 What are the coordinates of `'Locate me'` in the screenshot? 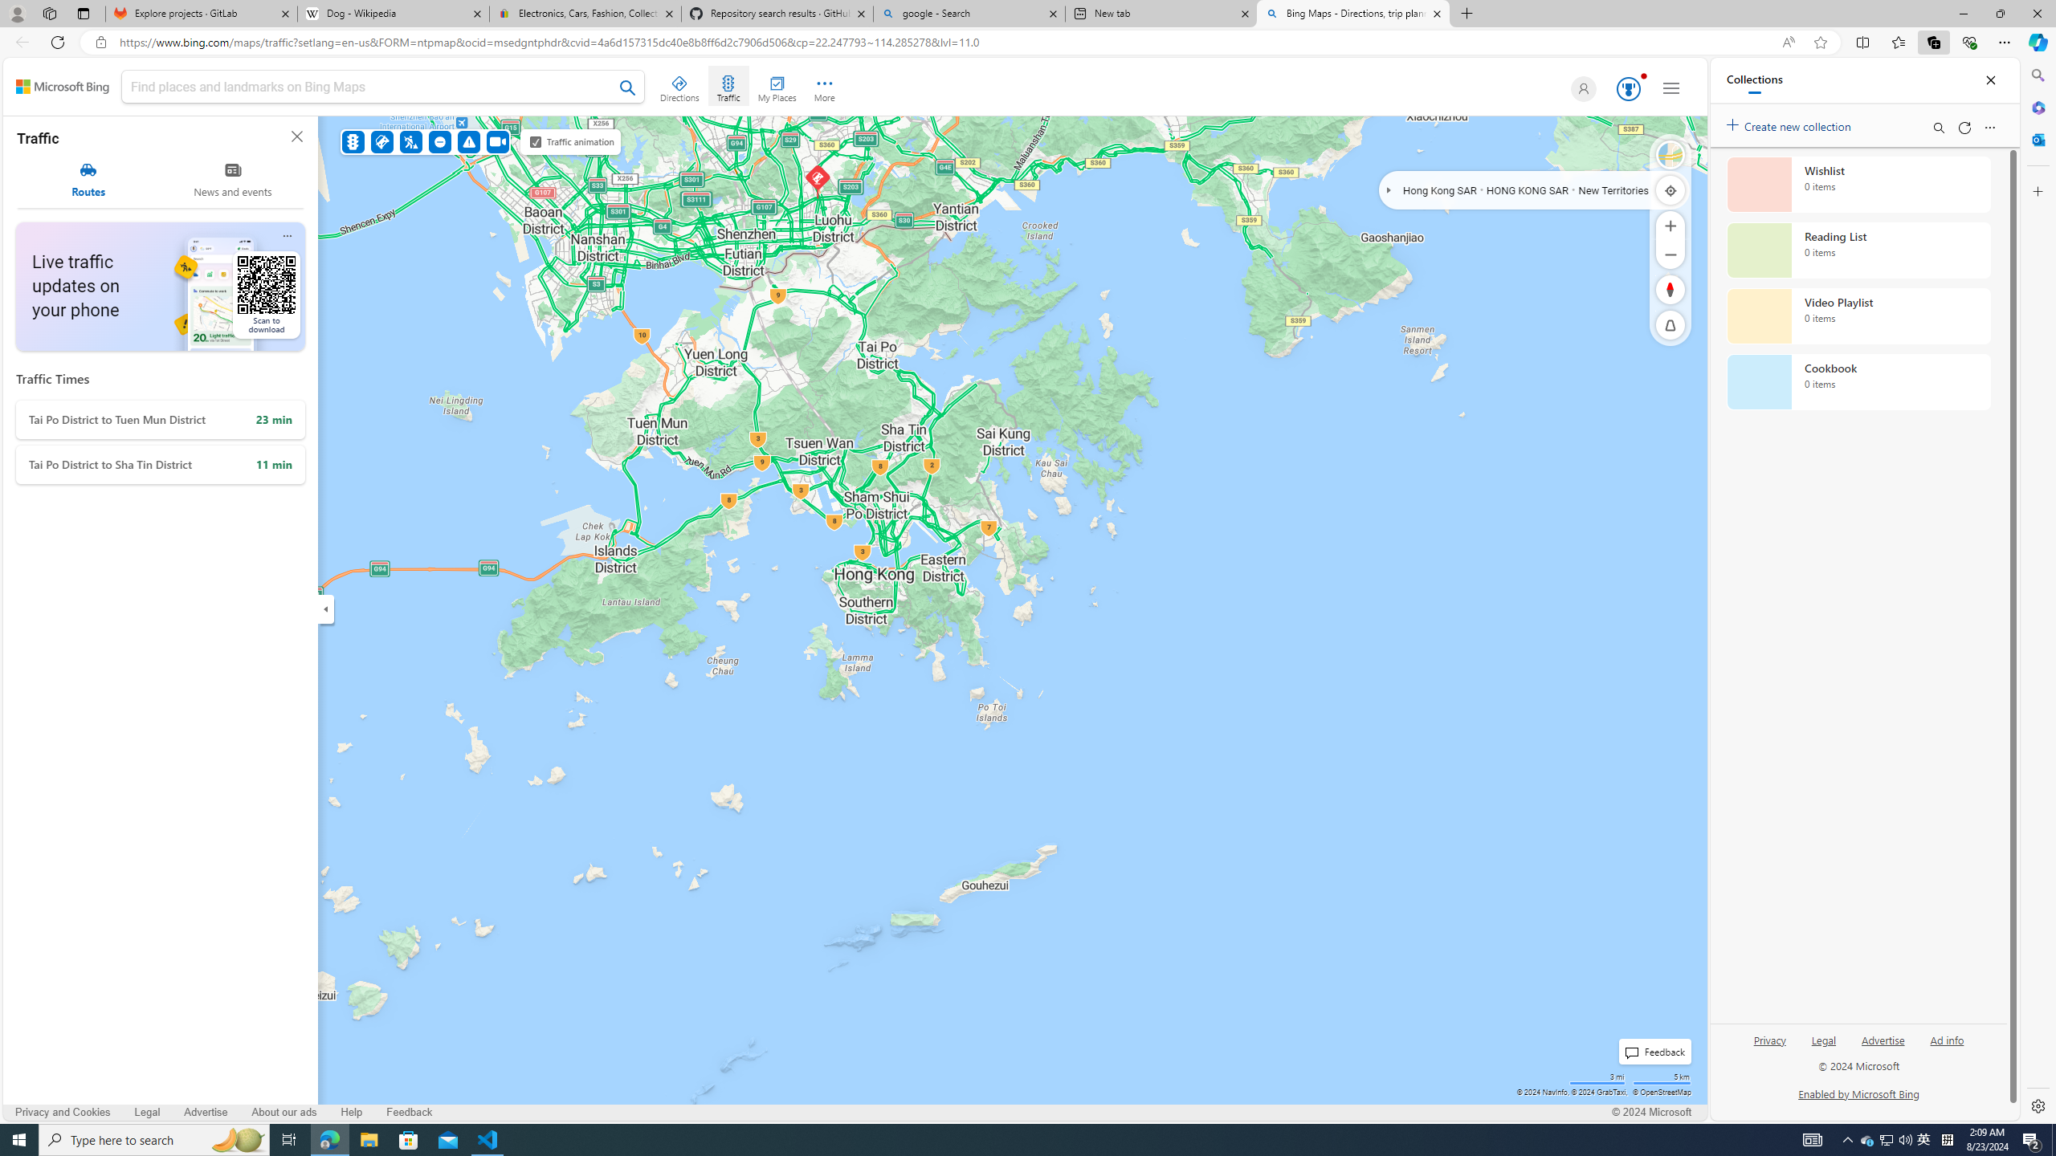 It's located at (1670, 189).